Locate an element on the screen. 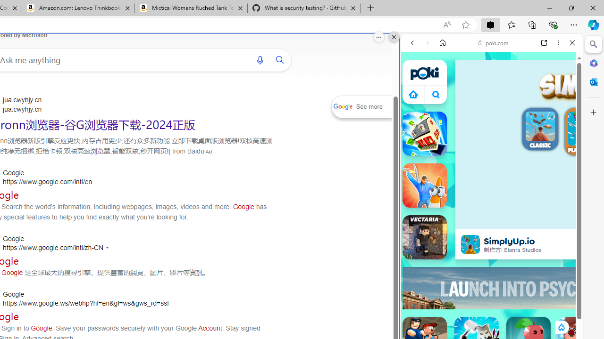  'Simply Prop Hunt Simply Prop Hunt' is located at coordinates (424, 185).